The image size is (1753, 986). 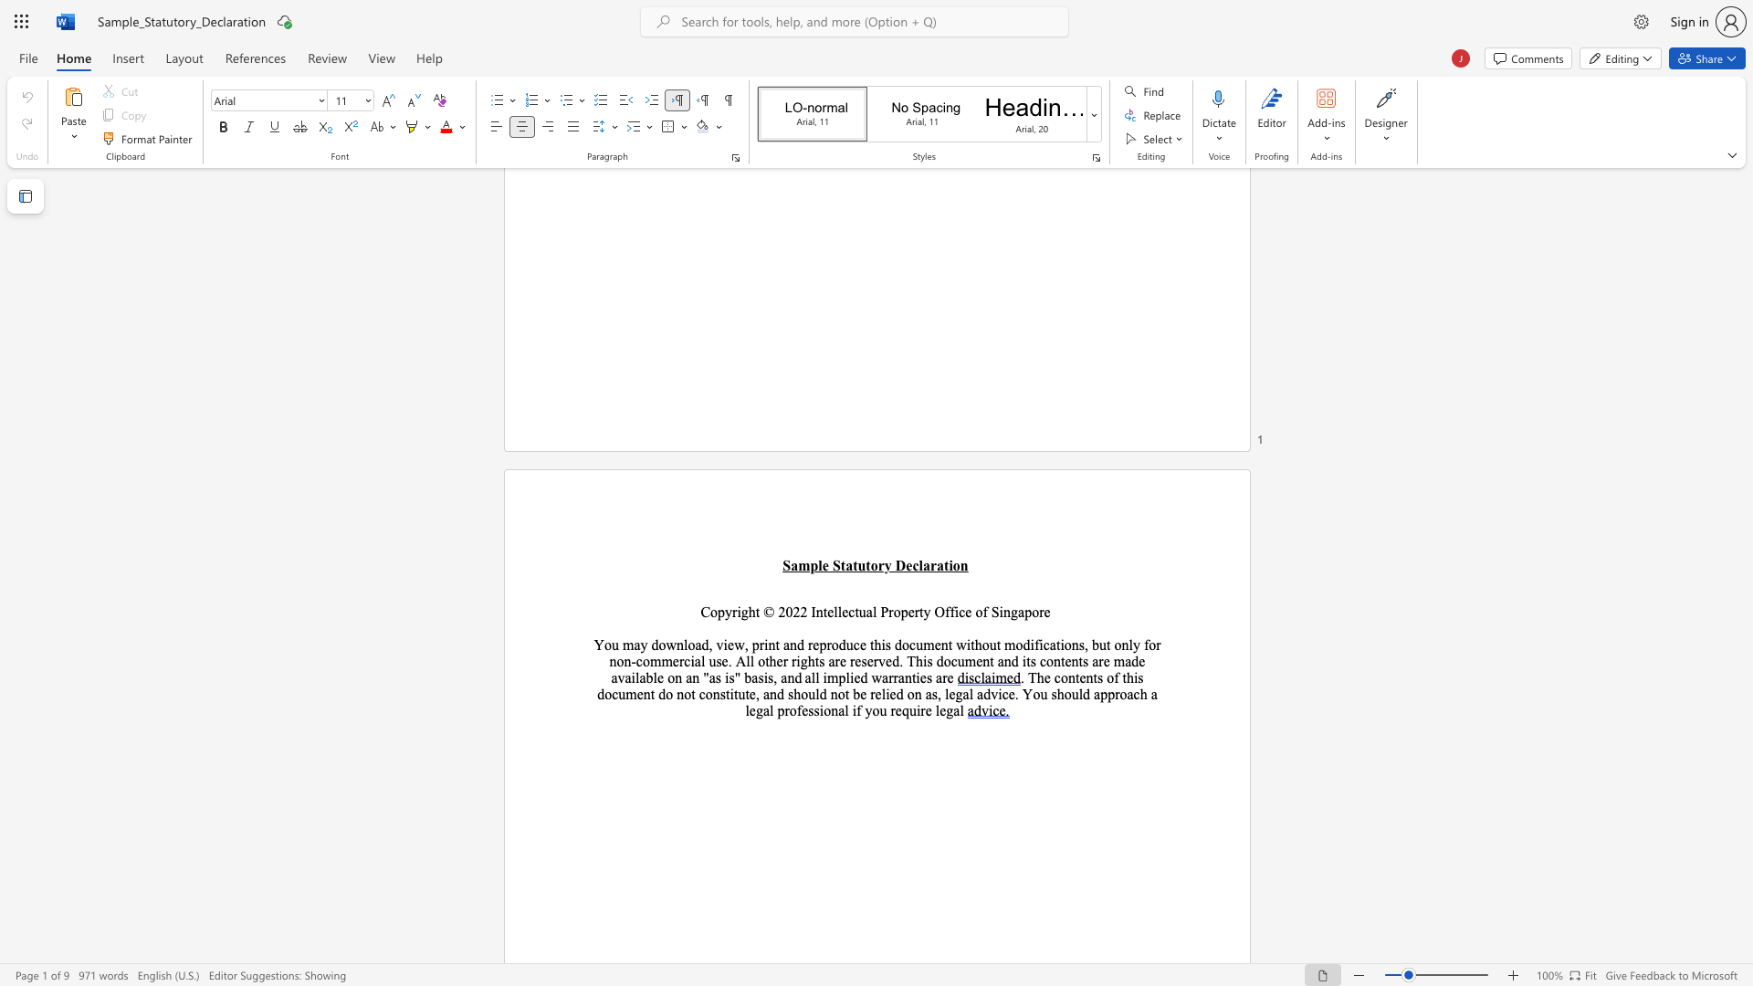 I want to click on the subset text "The contents of this do" within the text ". The contents of this document", so click(x=1027, y=677).